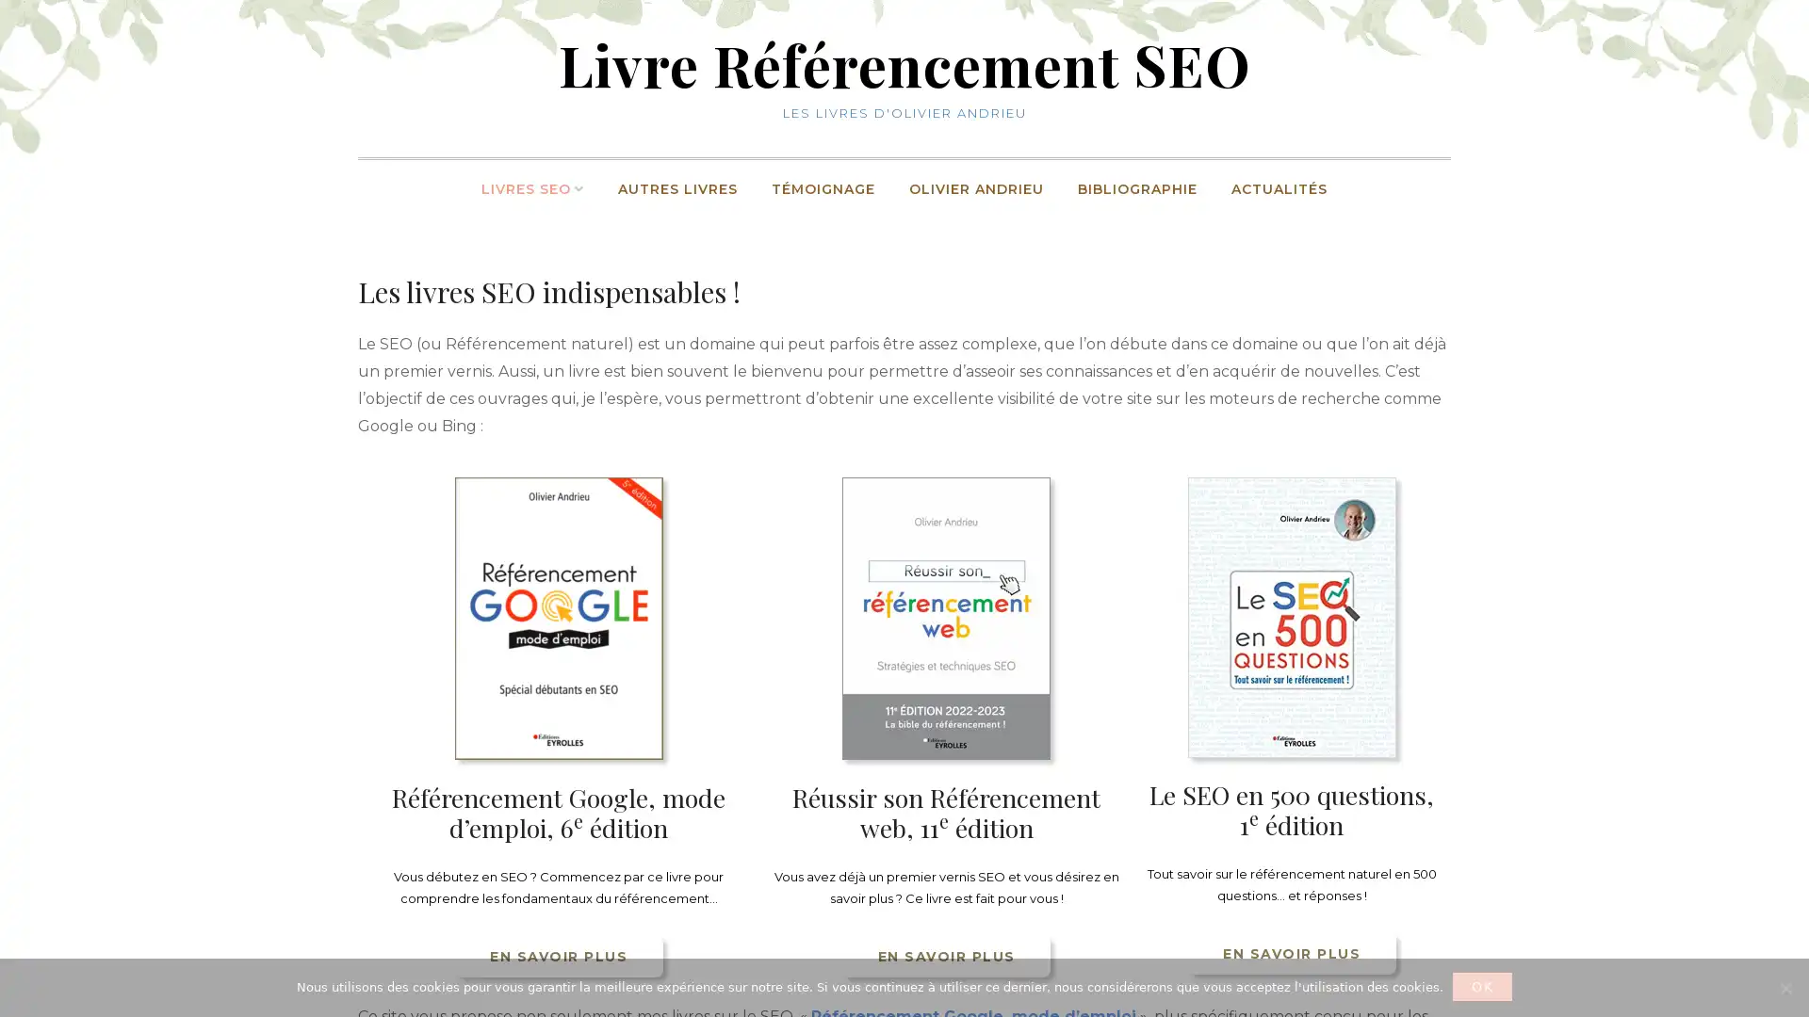 The image size is (1809, 1017). Describe the element at coordinates (946, 955) in the screenshot. I see `EN SAVOIR PLUS` at that location.